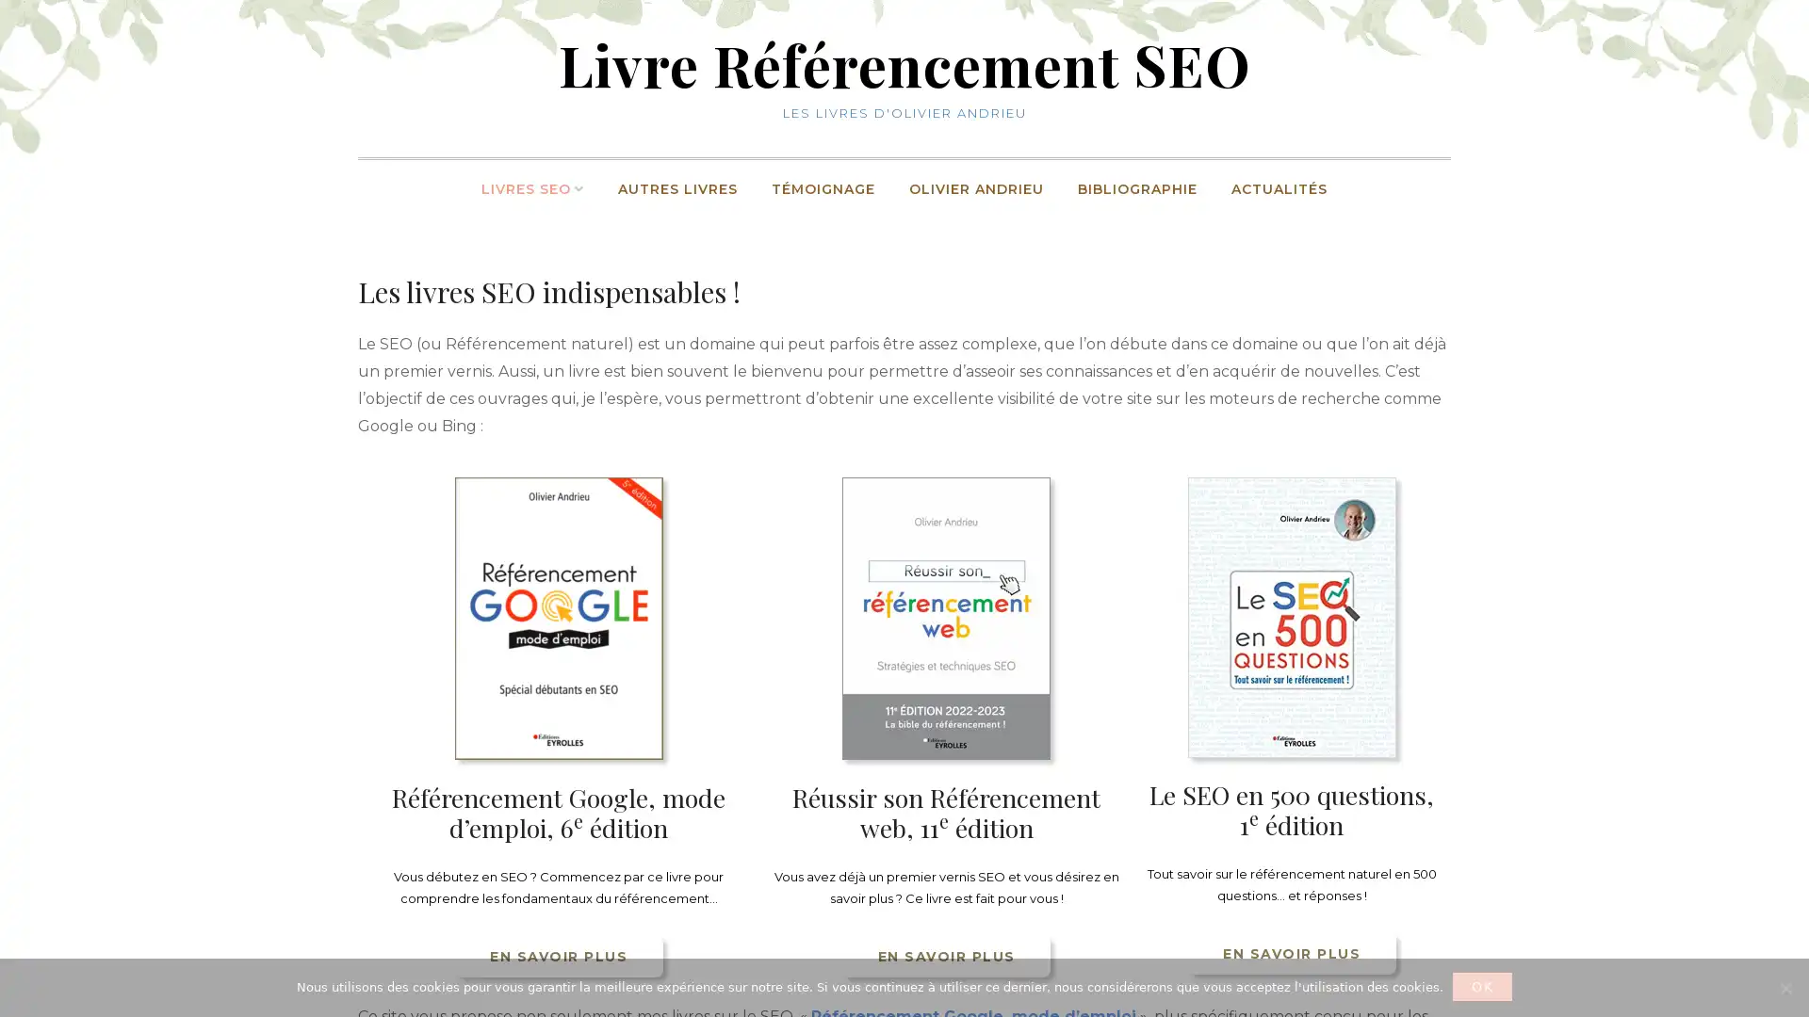 The image size is (1809, 1017). Describe the element at coordinates (946, 955) in the screenshot. I see `EN SAVOIR PLUS` at that location.